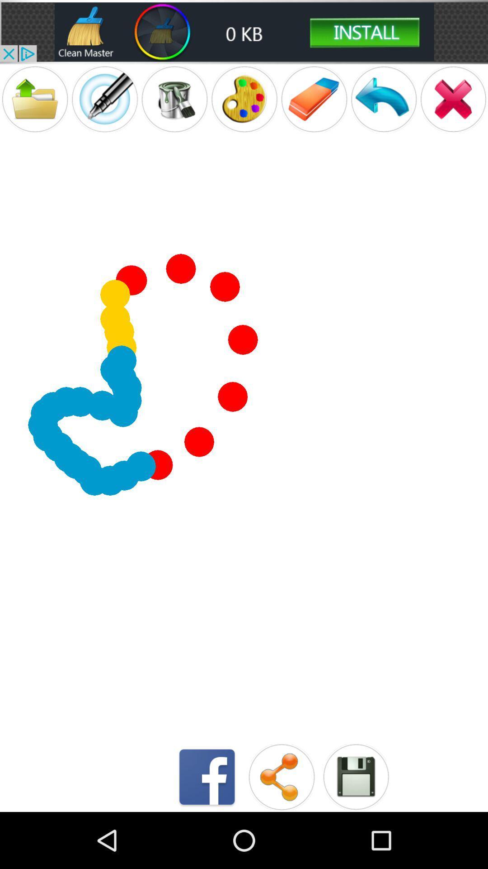 Image resolution: width=488 pixels, height=869 pixels. I want to click on clean option, so click(244, 32).